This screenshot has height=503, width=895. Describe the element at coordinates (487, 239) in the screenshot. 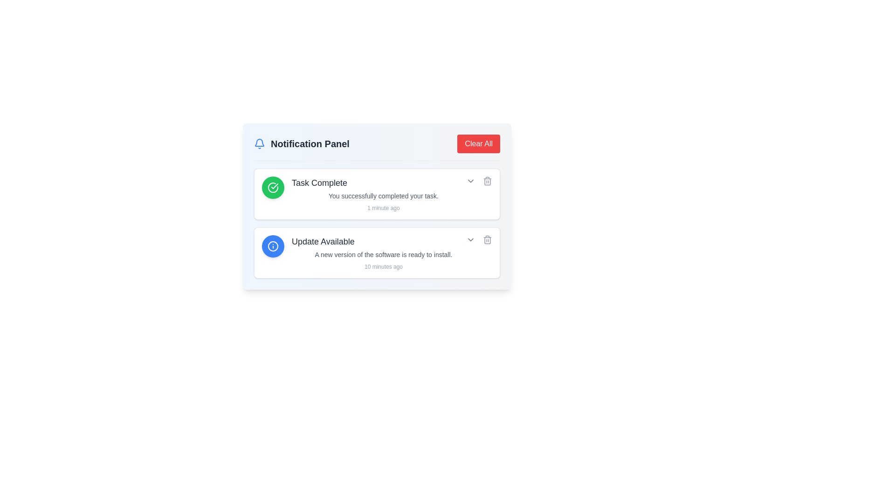

I see `the deletion button located in the bottom-right corner of the 'Update Available' notification card to change its color` at that location.